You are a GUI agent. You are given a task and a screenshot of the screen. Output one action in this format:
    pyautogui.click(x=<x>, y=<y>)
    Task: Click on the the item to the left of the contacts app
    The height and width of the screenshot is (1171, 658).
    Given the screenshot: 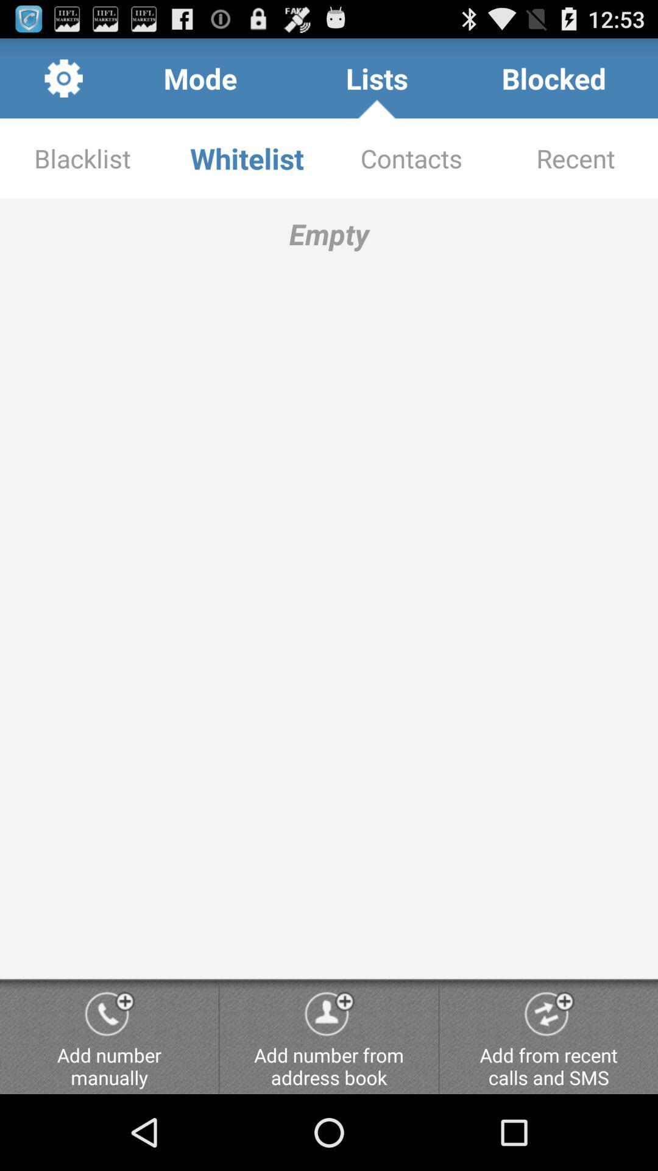 What is the action you would take?
    pyautogui.click(x=247, y=157)
    